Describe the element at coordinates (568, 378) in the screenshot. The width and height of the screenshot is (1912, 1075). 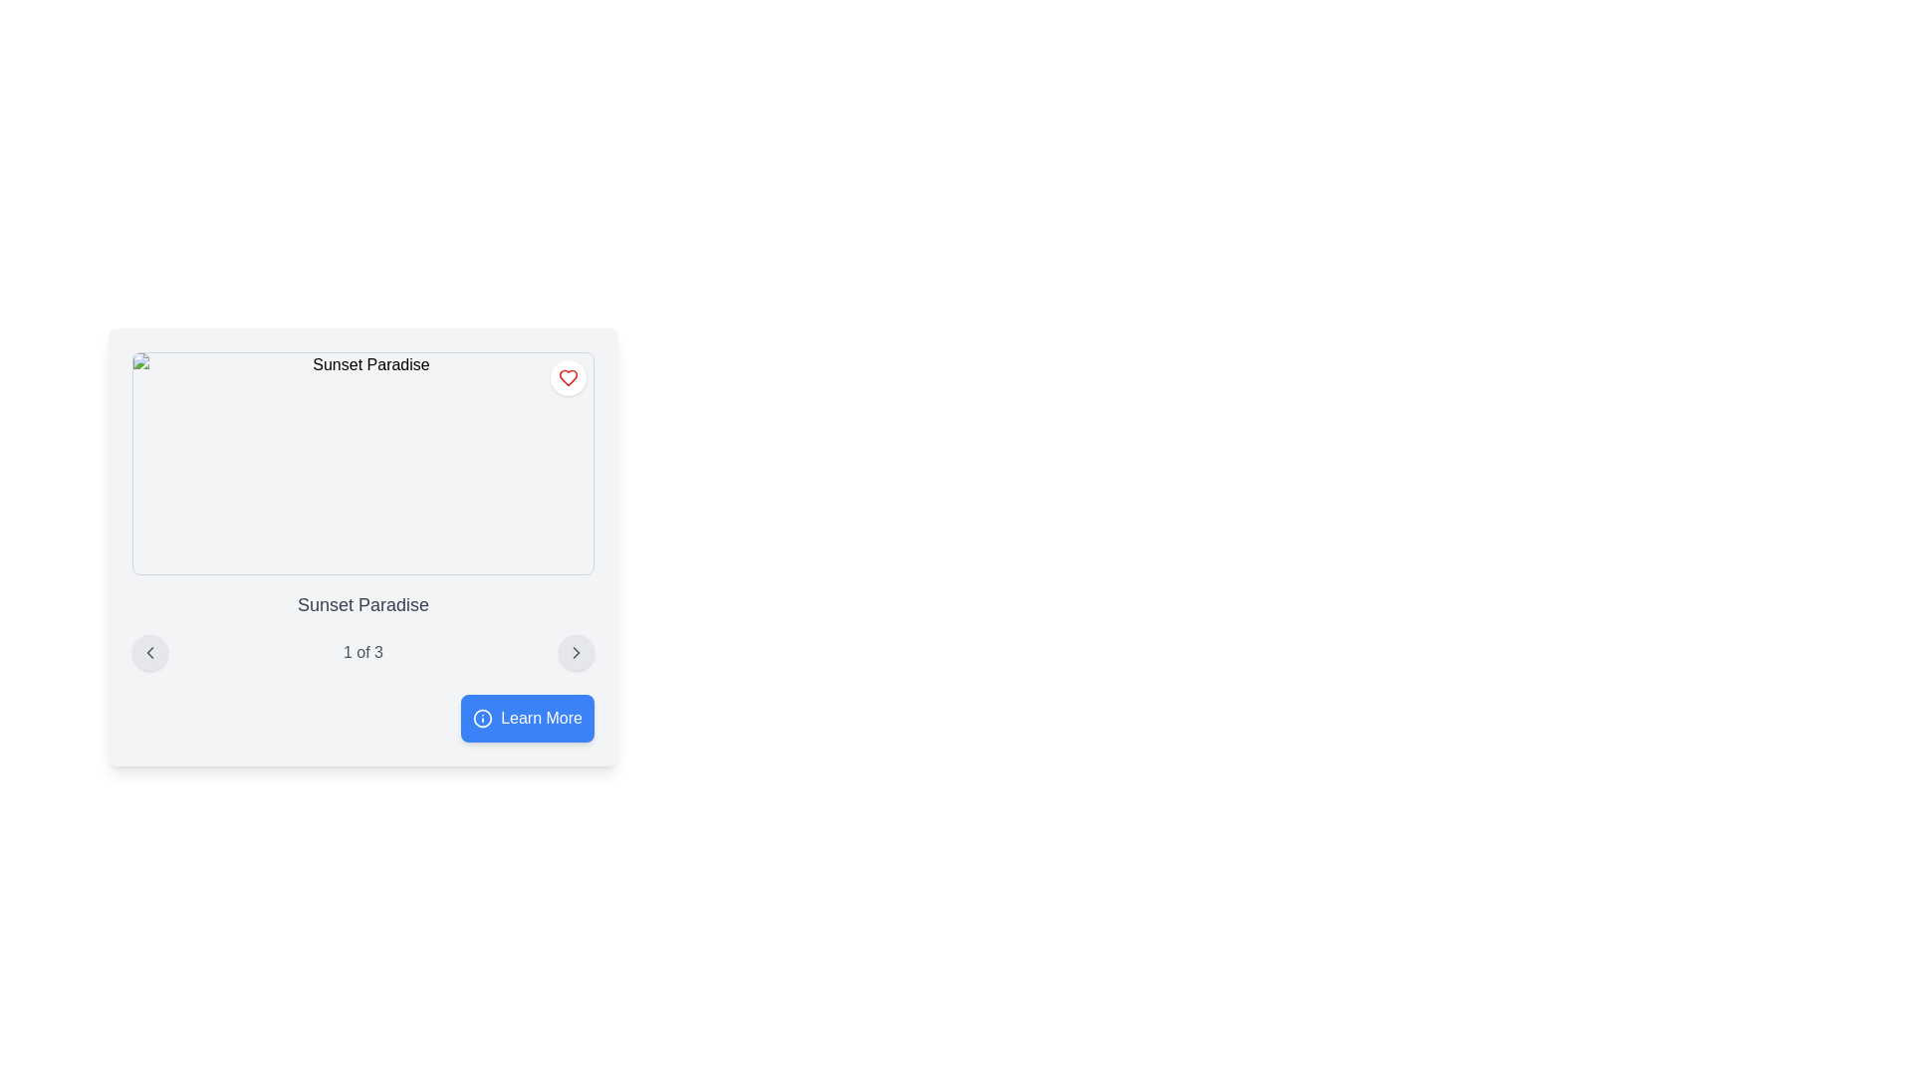
I see `the circular favorite button located near the top-right corner of the 'Sunset Paradise' image to potentially see a tooltip` at that location.